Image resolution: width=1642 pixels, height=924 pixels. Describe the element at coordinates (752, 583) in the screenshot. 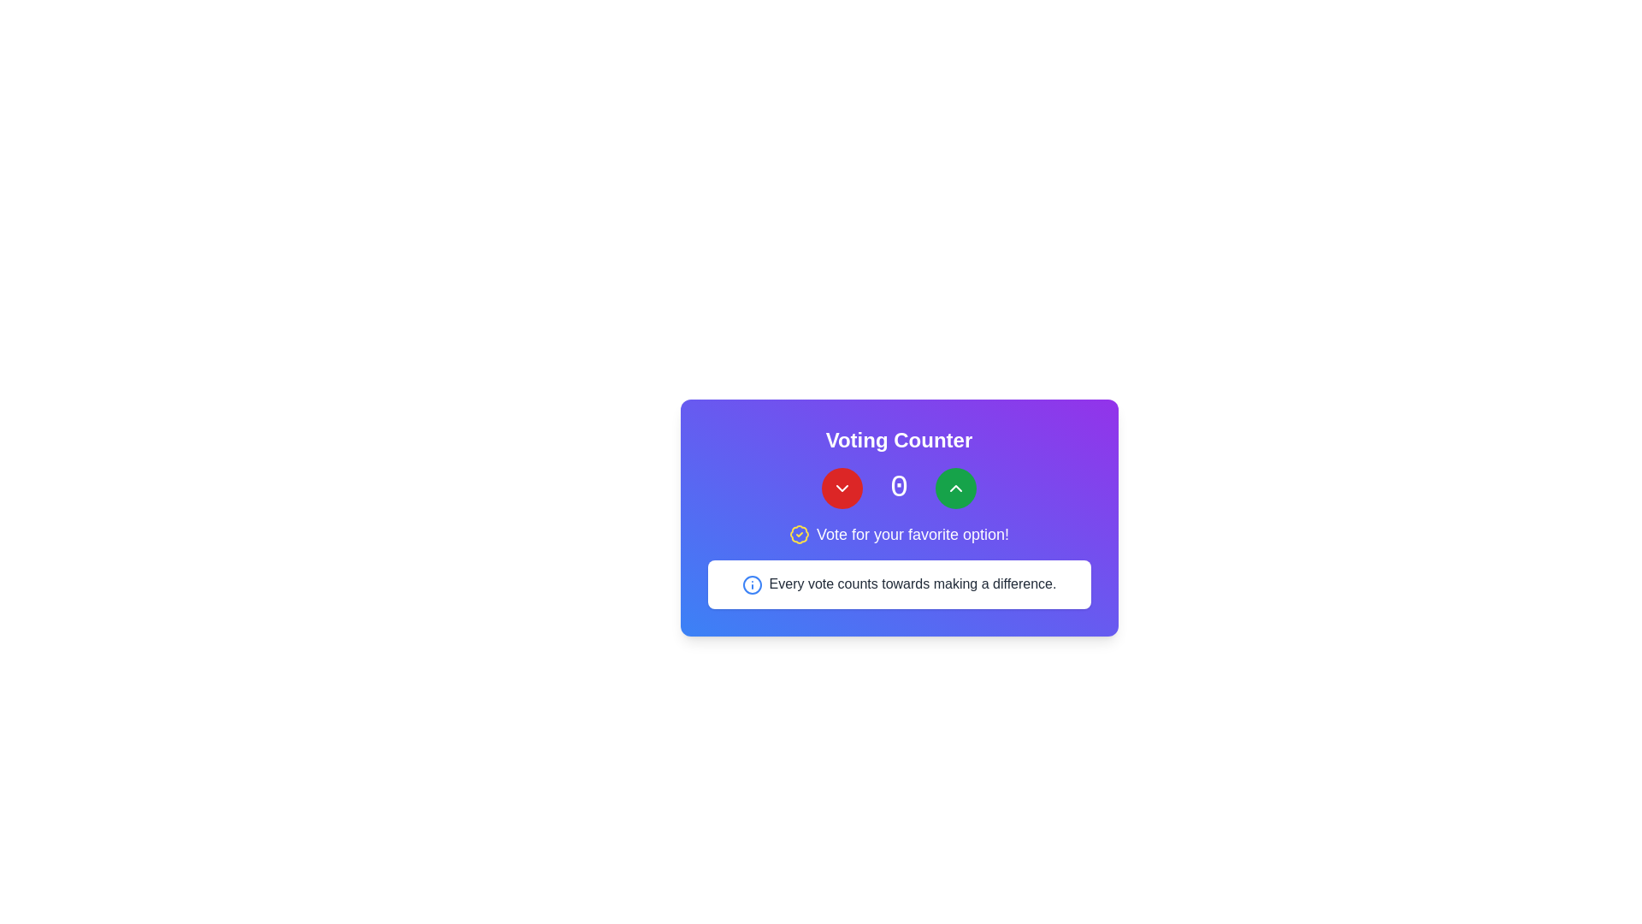

I see `the information icon which is a circular shape with a blue border and white fill, located to the left of the text label 'Every vote counts towards making a difference.'` at that location.